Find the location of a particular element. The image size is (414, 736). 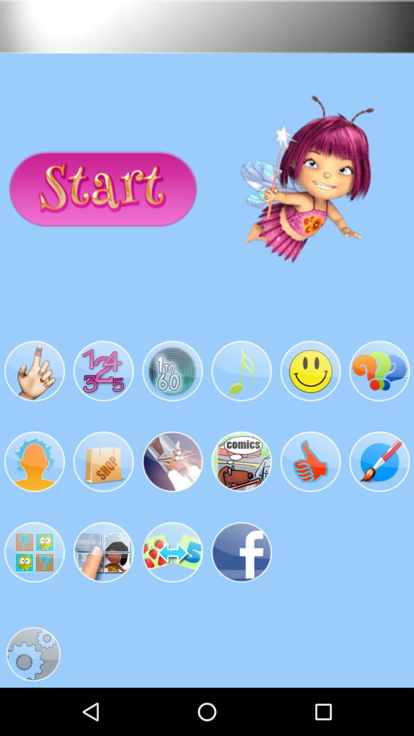

the emoji icon is located at coordinates (310, 397).